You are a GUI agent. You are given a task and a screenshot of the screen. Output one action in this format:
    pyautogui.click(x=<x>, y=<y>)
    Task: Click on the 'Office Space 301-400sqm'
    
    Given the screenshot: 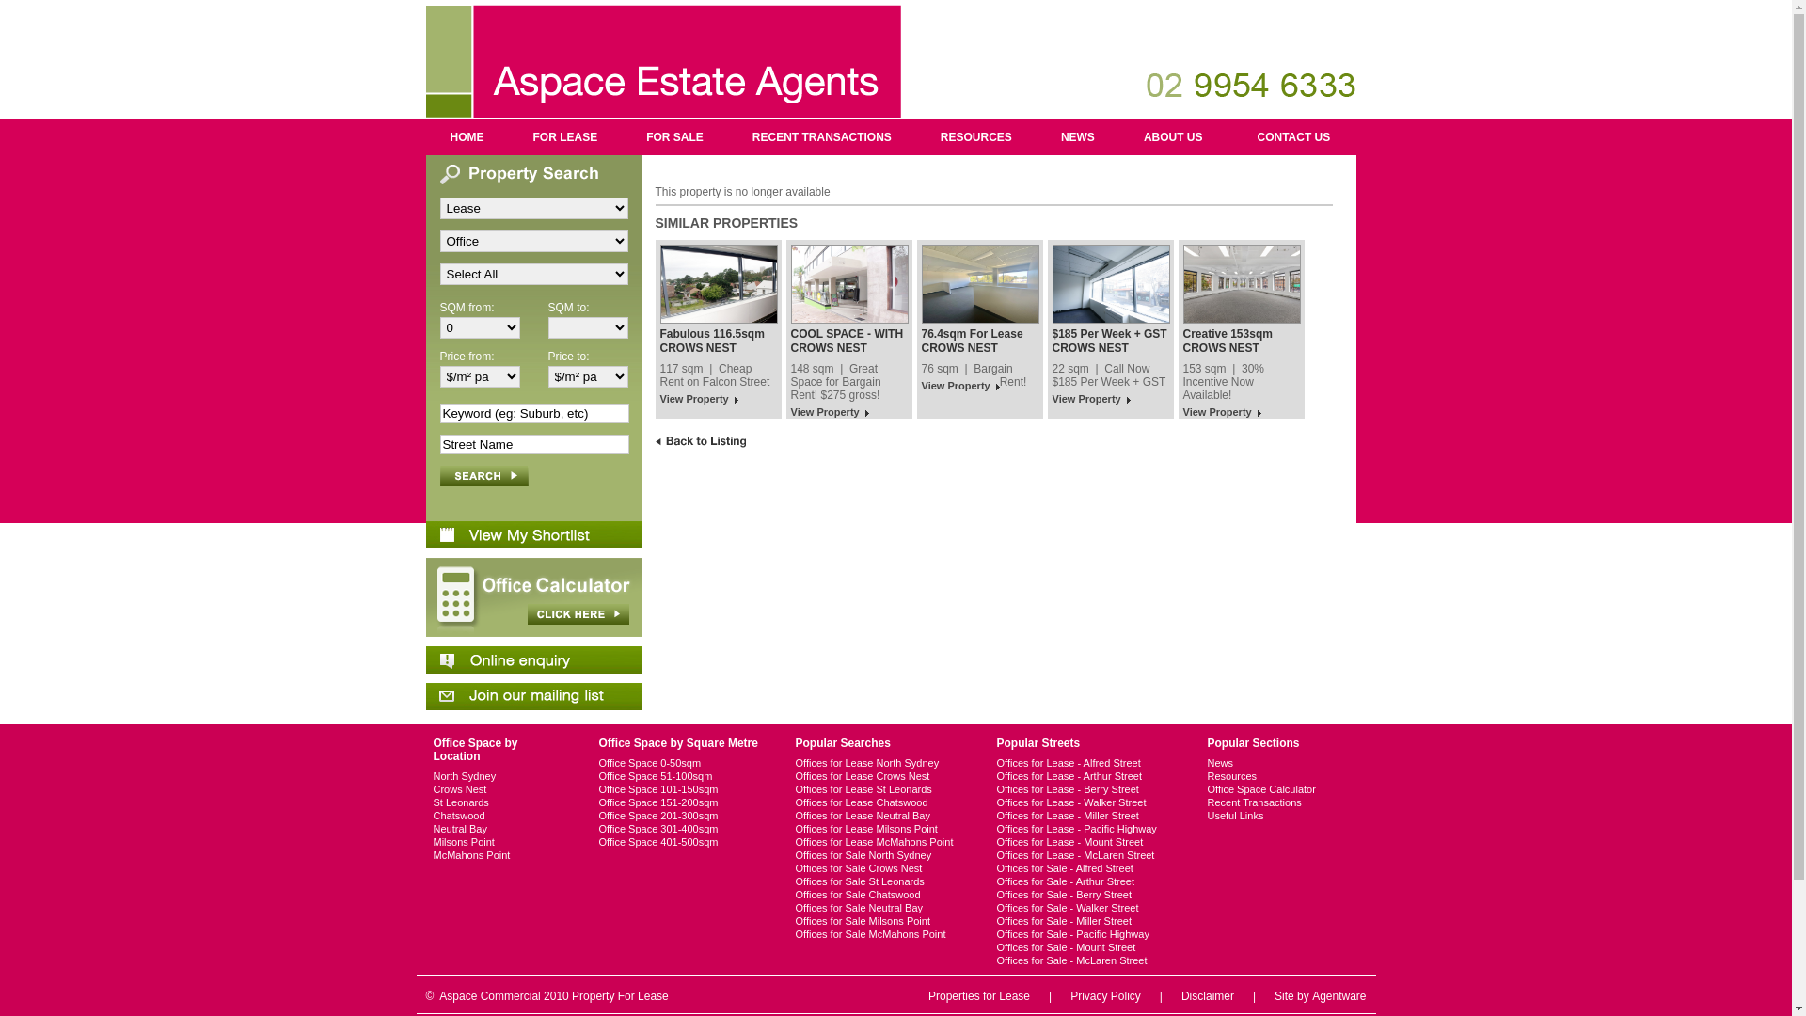 What is the action you would take?
    pyautogui.click(x=679, y=827)
    